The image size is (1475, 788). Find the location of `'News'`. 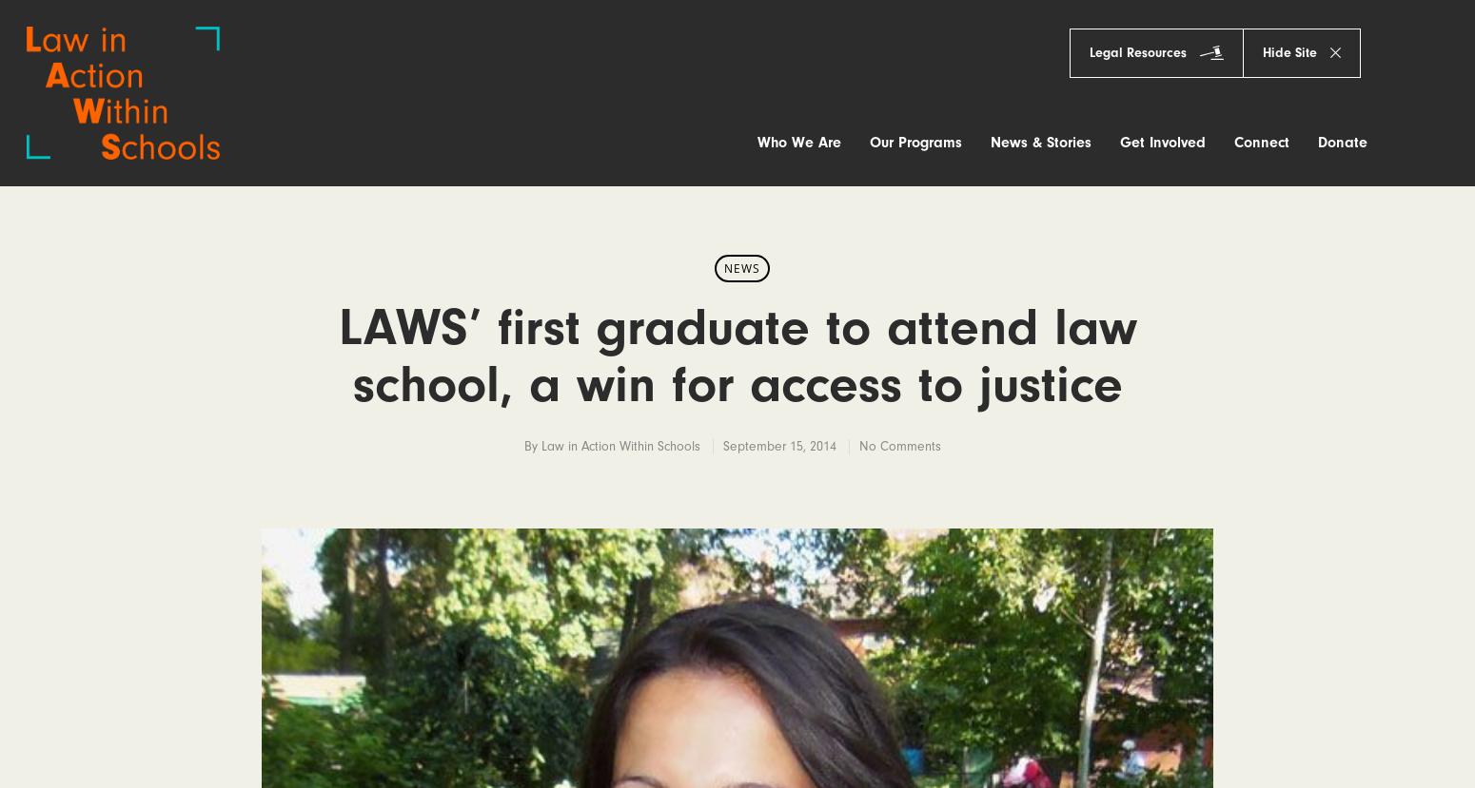

'News' is located at coordinates (740, 267).